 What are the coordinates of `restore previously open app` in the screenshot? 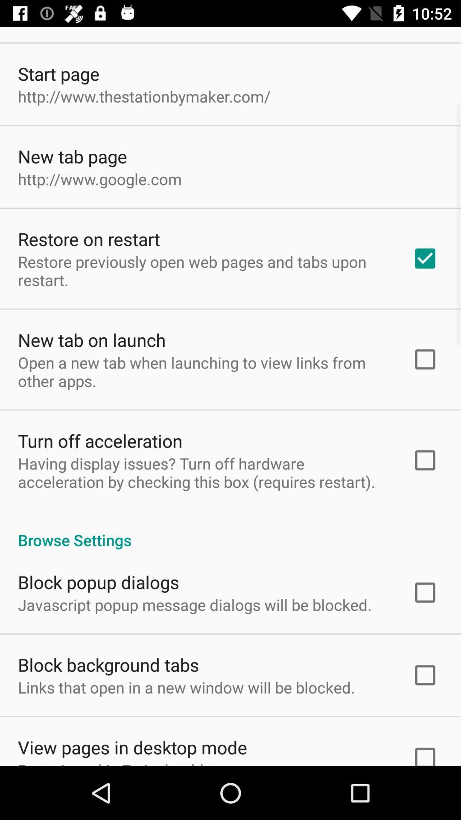 It's located at (204, 270).